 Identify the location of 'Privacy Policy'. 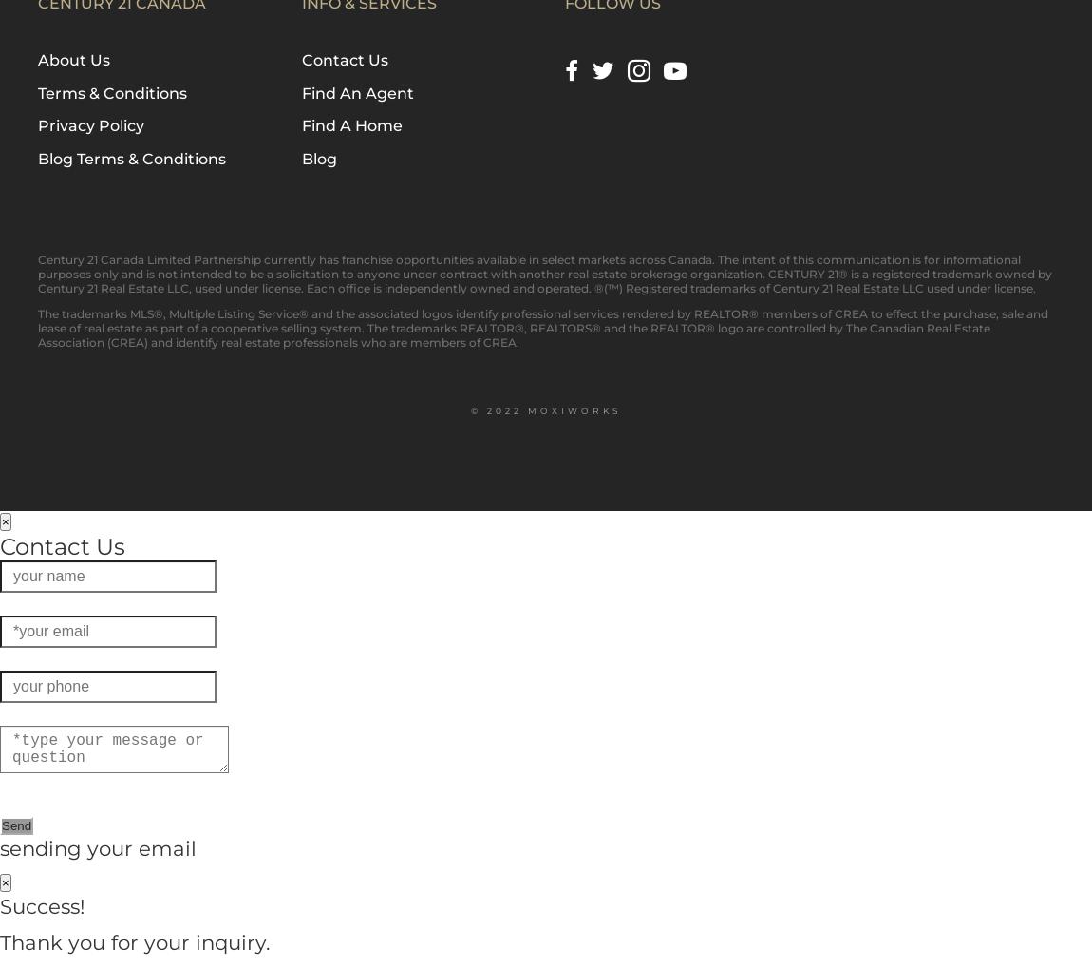
(90, 124).